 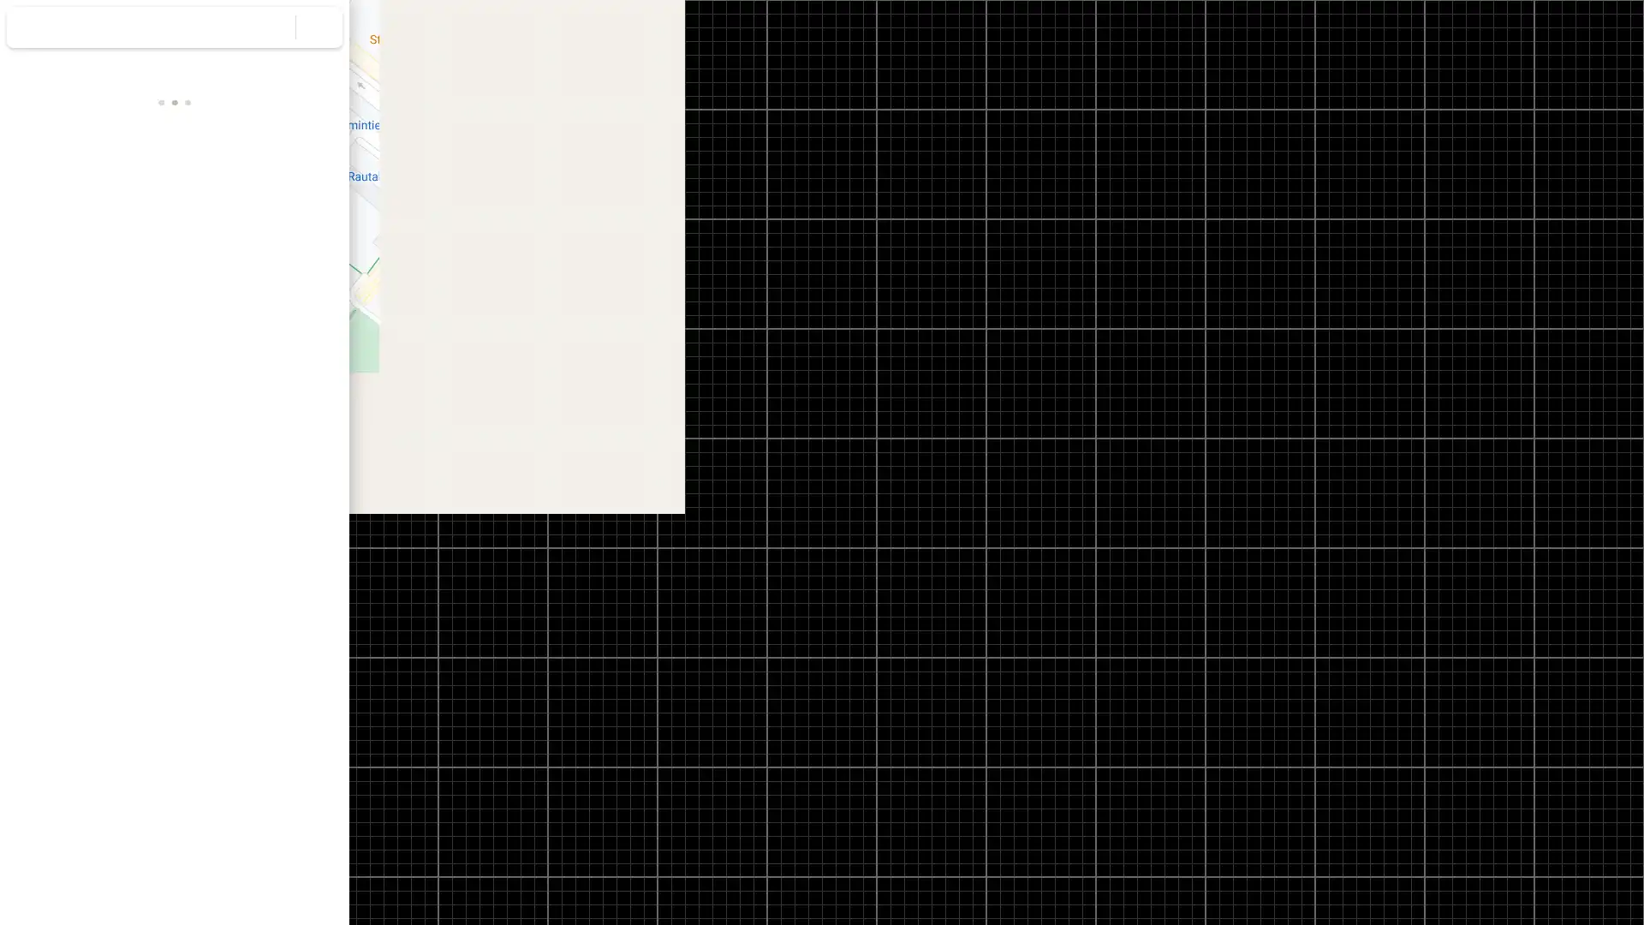 What do you see at coordinates (328, 409) in the screenshot?
I see `Learn more about plus codes` at bounding box center [328, 409].